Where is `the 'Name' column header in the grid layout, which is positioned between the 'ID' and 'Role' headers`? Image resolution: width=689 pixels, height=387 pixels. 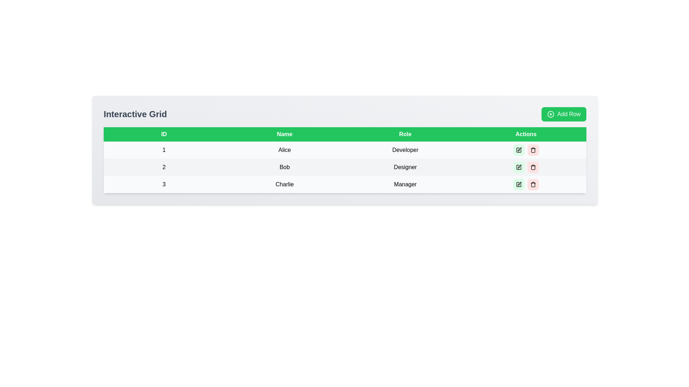
the 'Name' column header in the grid layout, which is positioned between the 'ID' and 'Role' headers is located at coordinates (284, 134).